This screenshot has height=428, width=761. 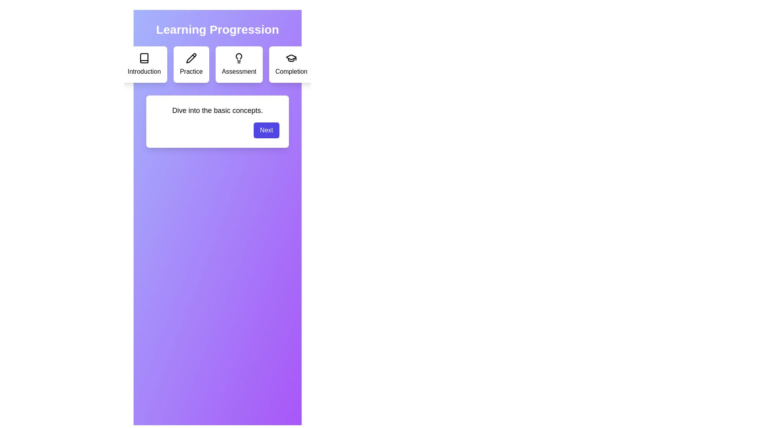 I want to click on the icon for the Introduction step to inspect it, so click(x=144, y=57).